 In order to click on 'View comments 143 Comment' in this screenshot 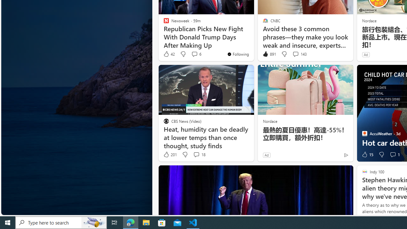, I will do `click(299, 54)`.